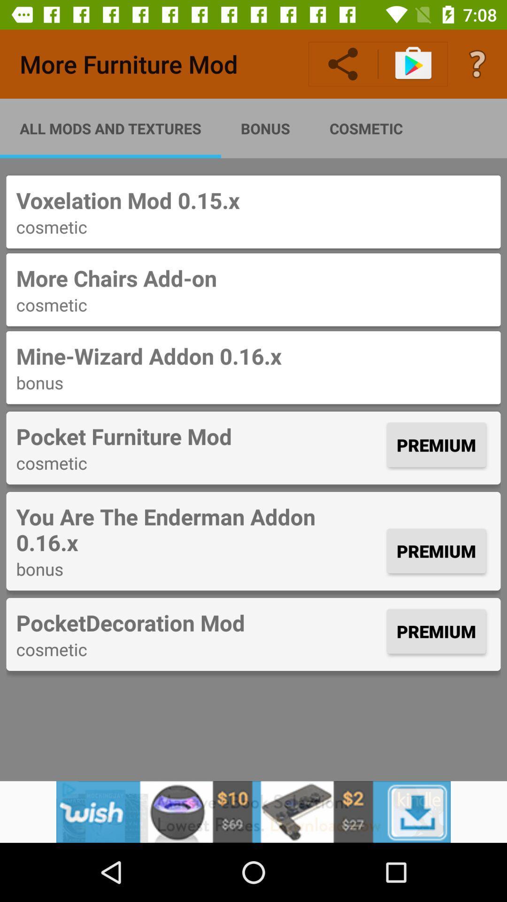  What do you see at coordinates (253, 289) in the screenshot?
I see `the text from second row` at bounding box center [253, 289].